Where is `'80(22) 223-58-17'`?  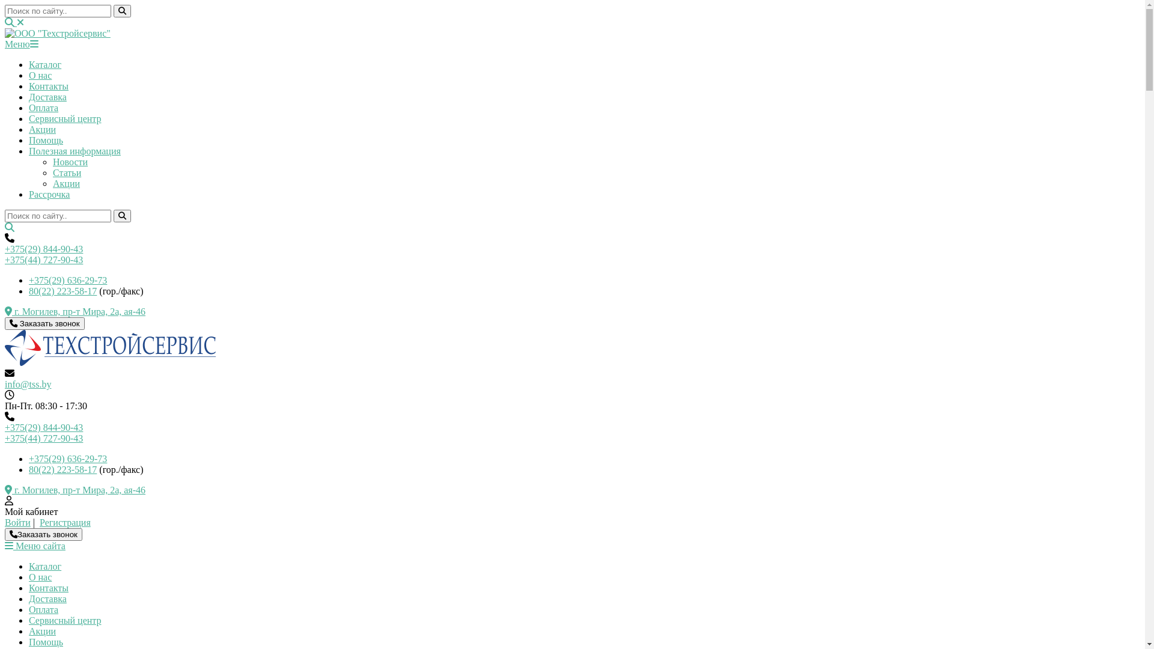
'80(22) 223-58-17' is located at coordinates (62, 469).